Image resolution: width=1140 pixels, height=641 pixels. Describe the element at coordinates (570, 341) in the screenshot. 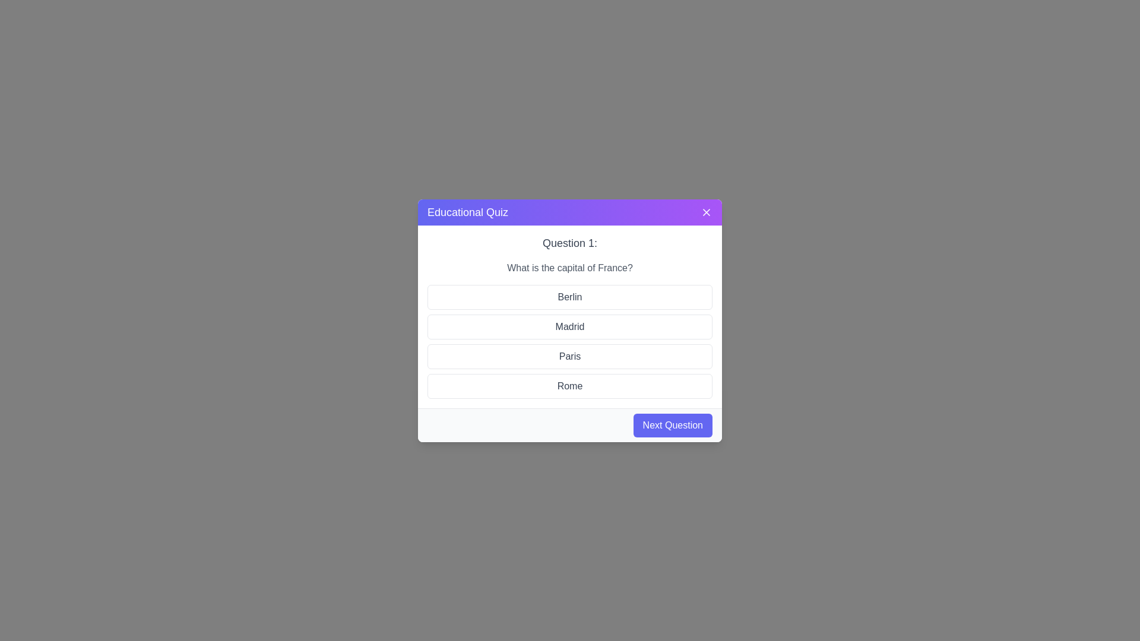

I see `the option 'Paris' in the group of clickable options styled as buttons or list items located in the center of the dialog box titled 'Educational Quiz'` at that location.